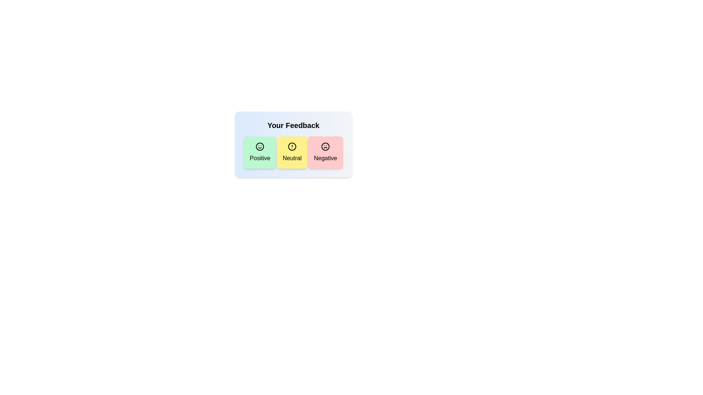 This screenshot has width=703, height=395. What do you see at coordinates (291, 158) in the screenshot?
I see `label text 'Neutral' displayed in black on a yellow background, located at the center of the feedback selection interface` at bounding box center [291, 158].